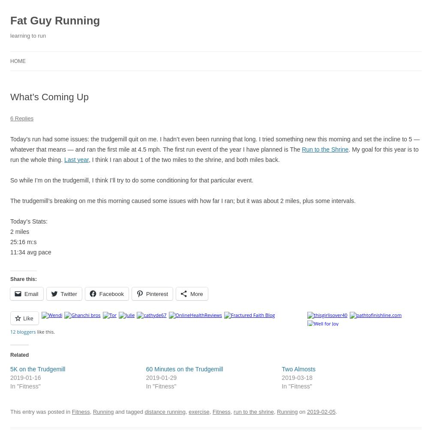 This screenshot has width=432, height=442. I want to click on 'Share this:', so click(24, 278).